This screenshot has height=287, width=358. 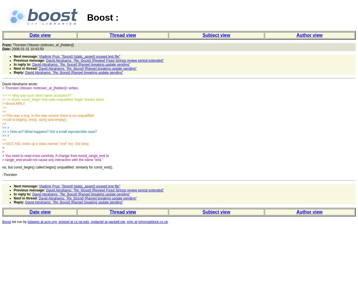 I want to click on 'tottosen_at_[hidden]', so click(x=57, y=45).